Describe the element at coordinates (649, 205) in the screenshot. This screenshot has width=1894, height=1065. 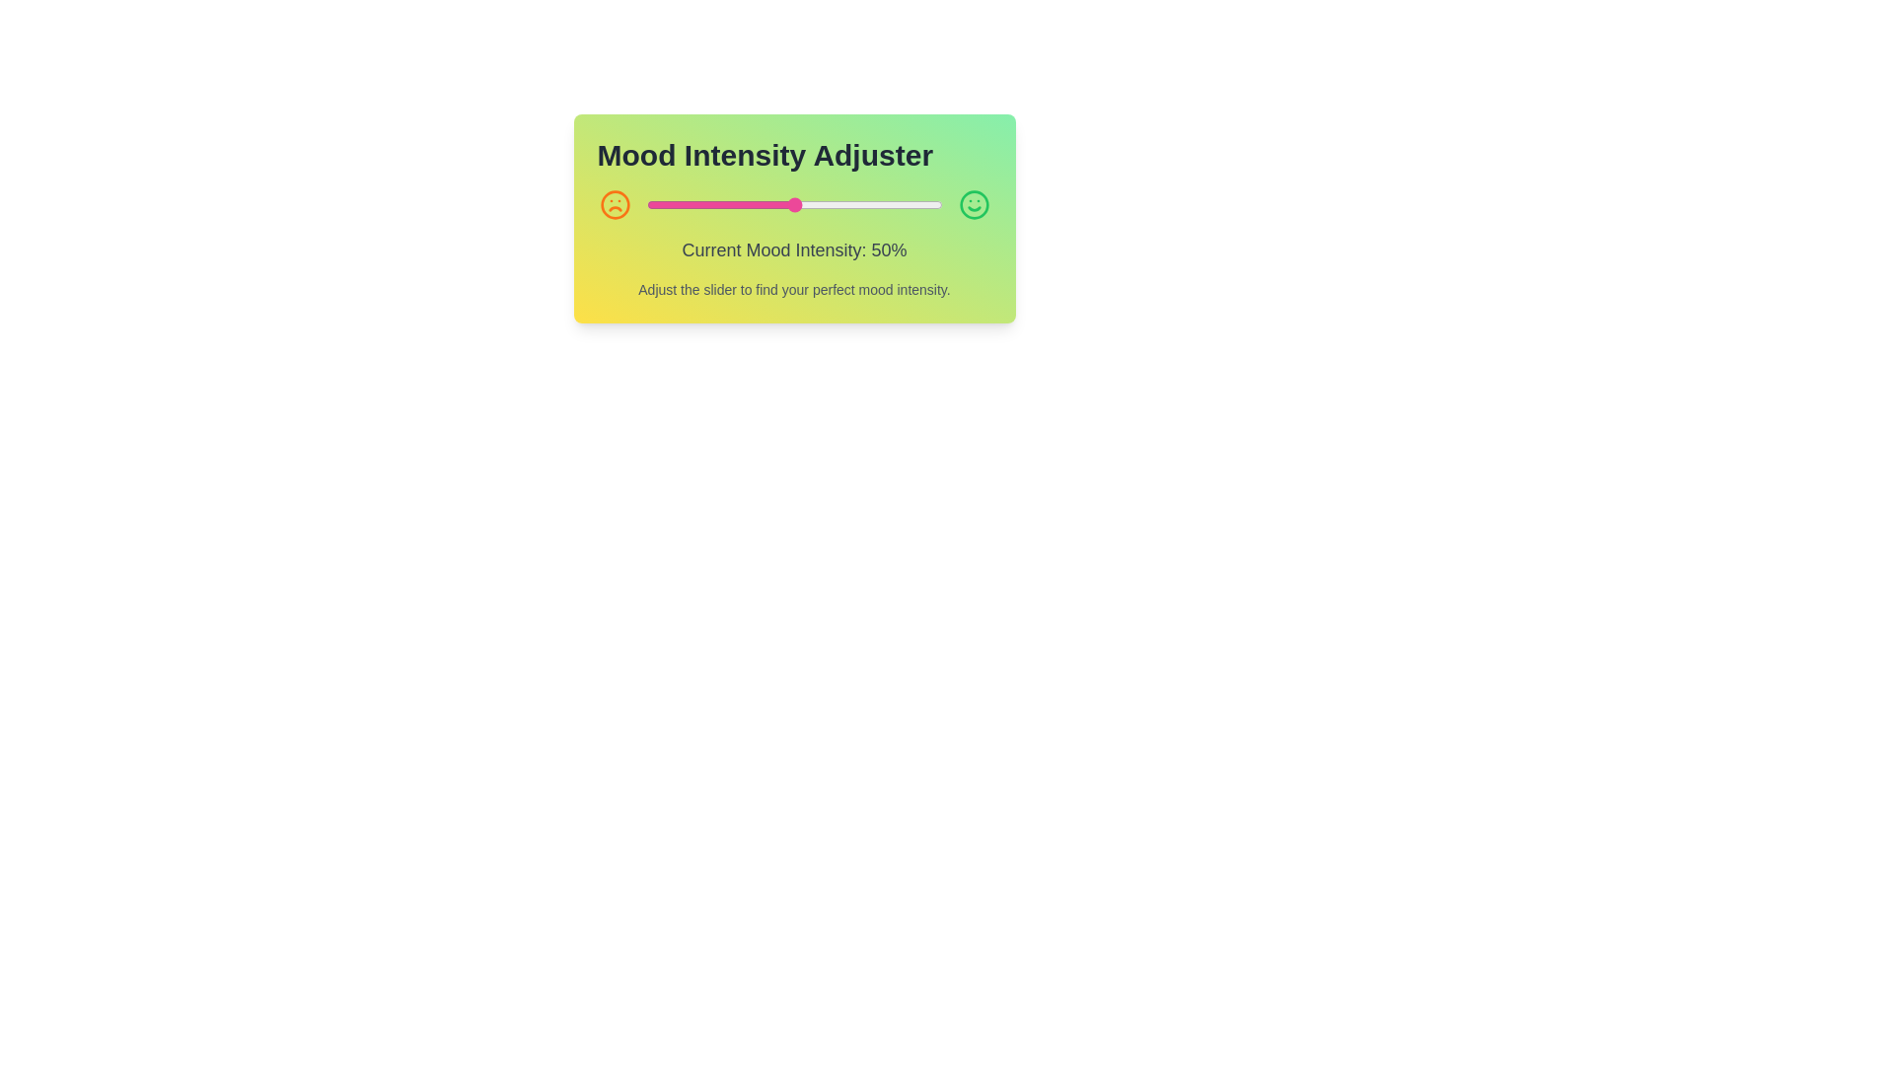
I see `the mood intensity slider to 1% by dragging the slider handle` at that location.